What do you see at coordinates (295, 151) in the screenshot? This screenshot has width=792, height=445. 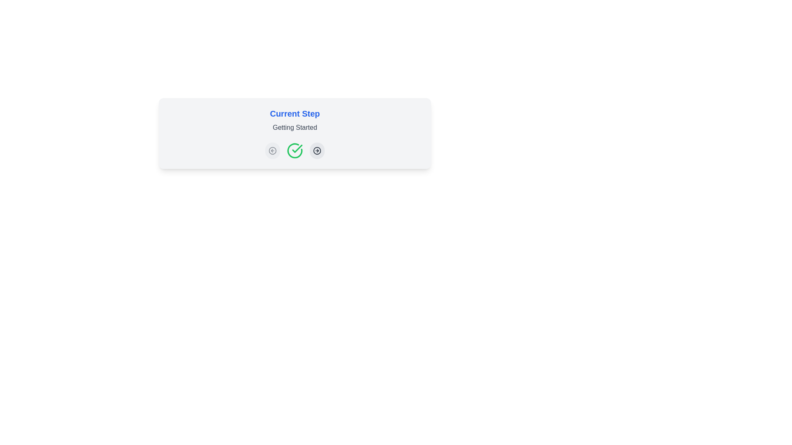 I see `the central confirmation button, which is larger, green, and features a checkmark icon in the group of three horizontally aligned buttons under the 'Current Step' card titled 'Getting Started'` at bounding box center [295, 151].